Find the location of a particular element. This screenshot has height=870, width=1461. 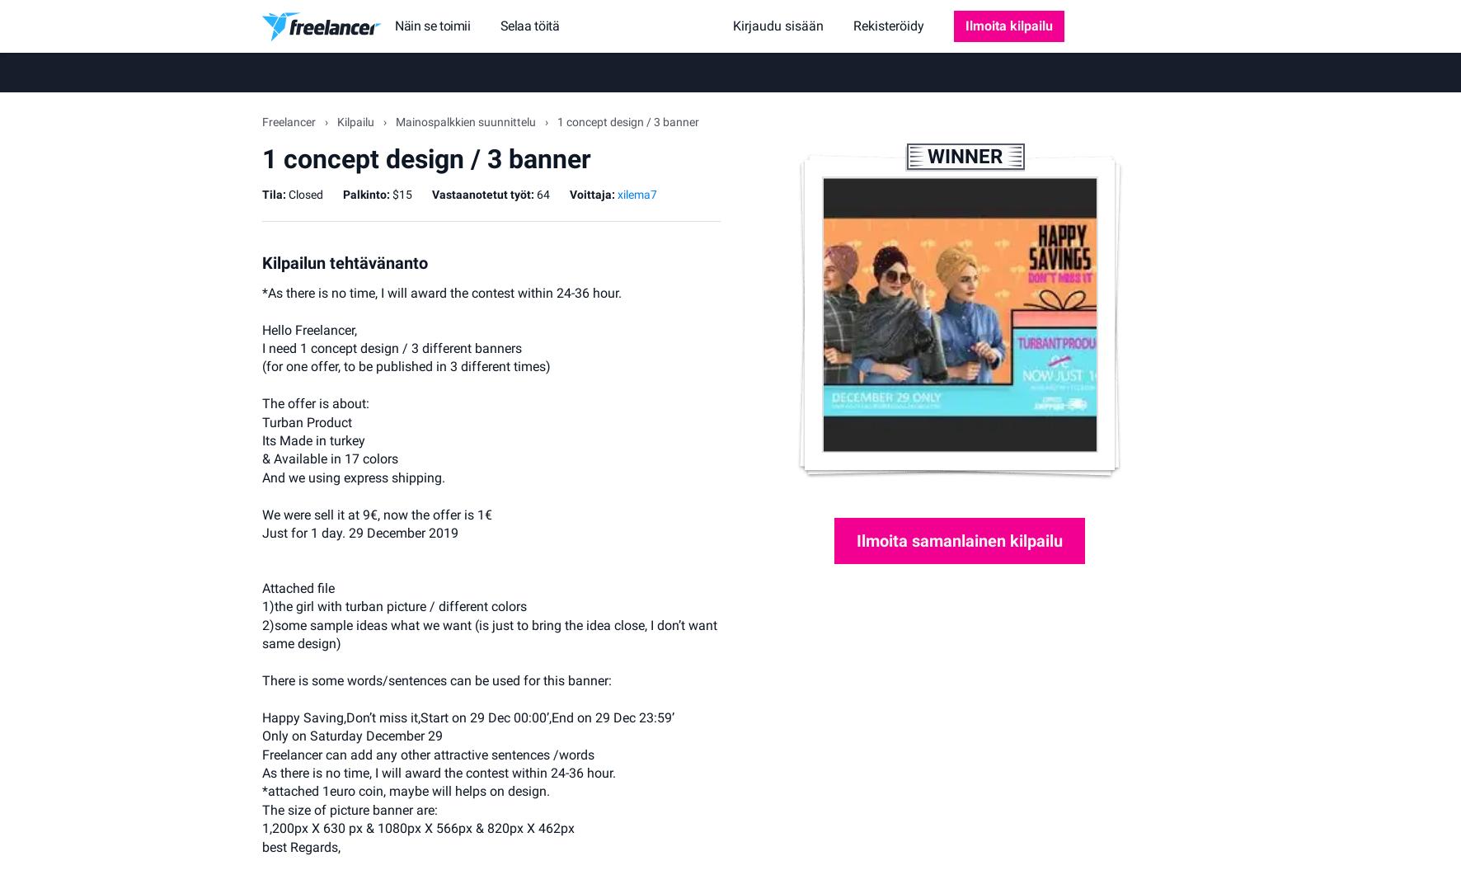

'Palkinto:' is located at coordinates (365, 192).